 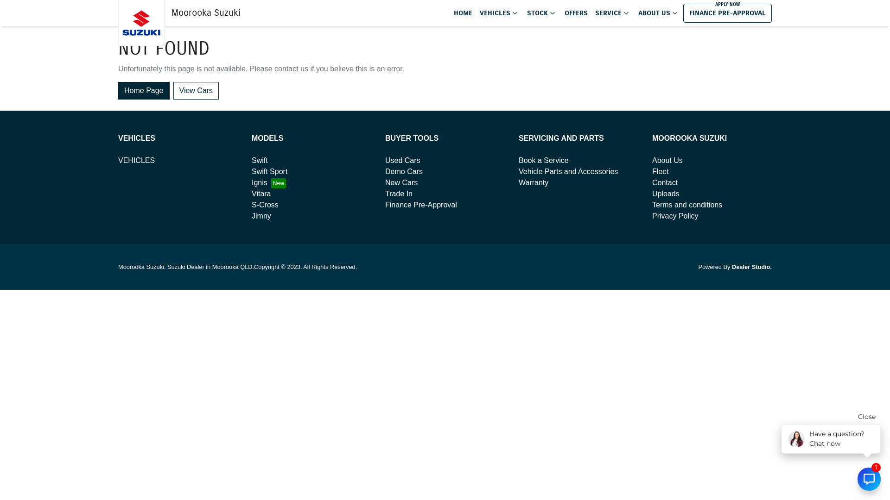 What do you see at coordinates (613, 13) in the screenshot?
I see `'SERVICE'` at bounding box center [613, 13].